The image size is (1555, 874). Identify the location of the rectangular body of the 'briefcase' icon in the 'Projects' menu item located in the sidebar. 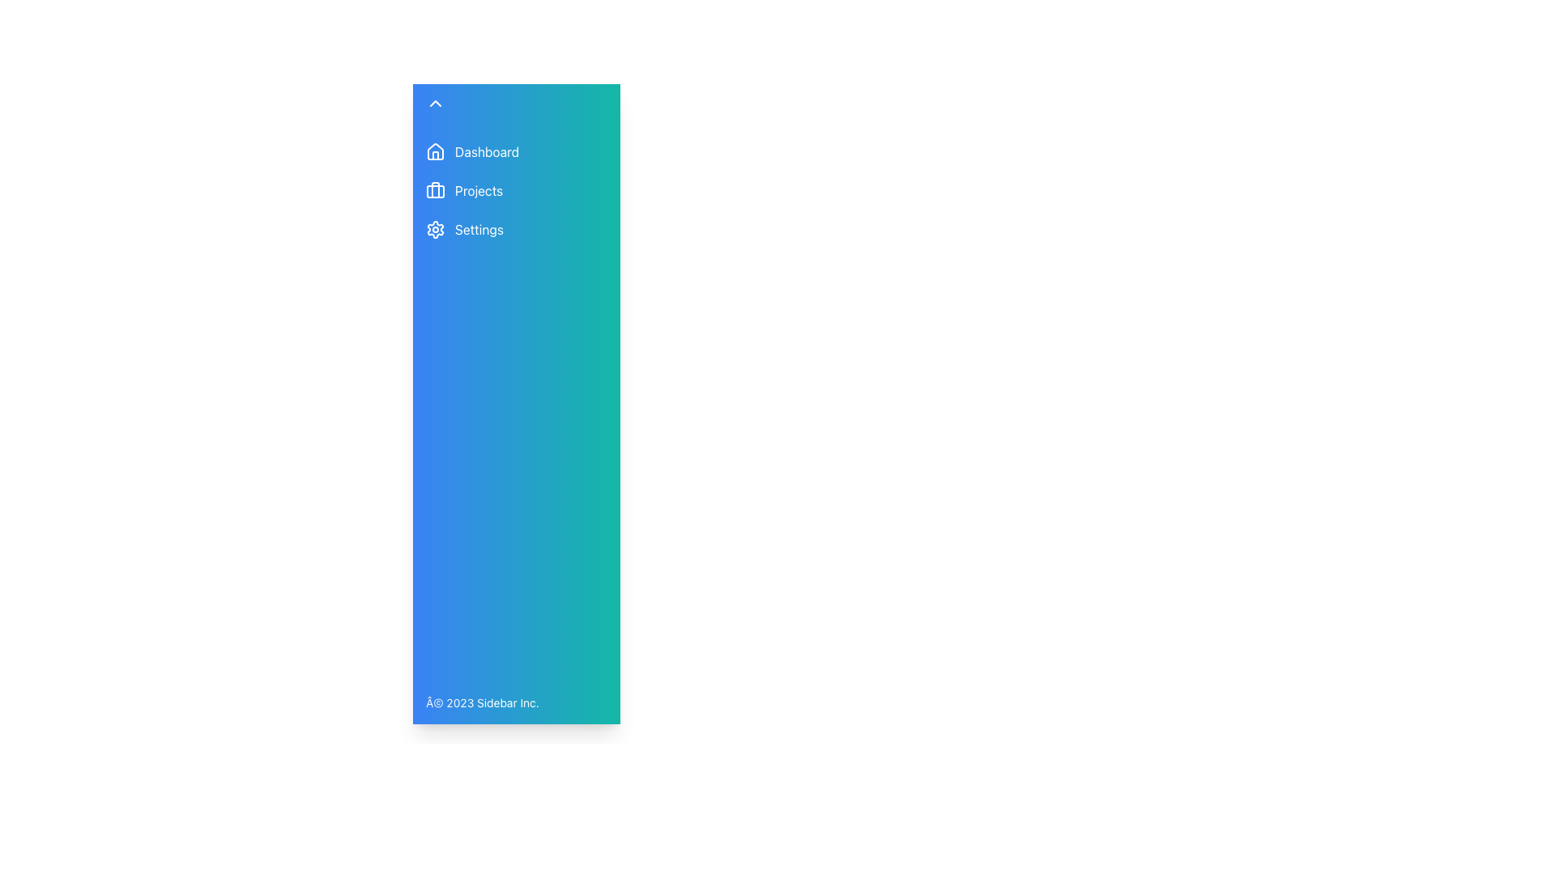
(435, 190).